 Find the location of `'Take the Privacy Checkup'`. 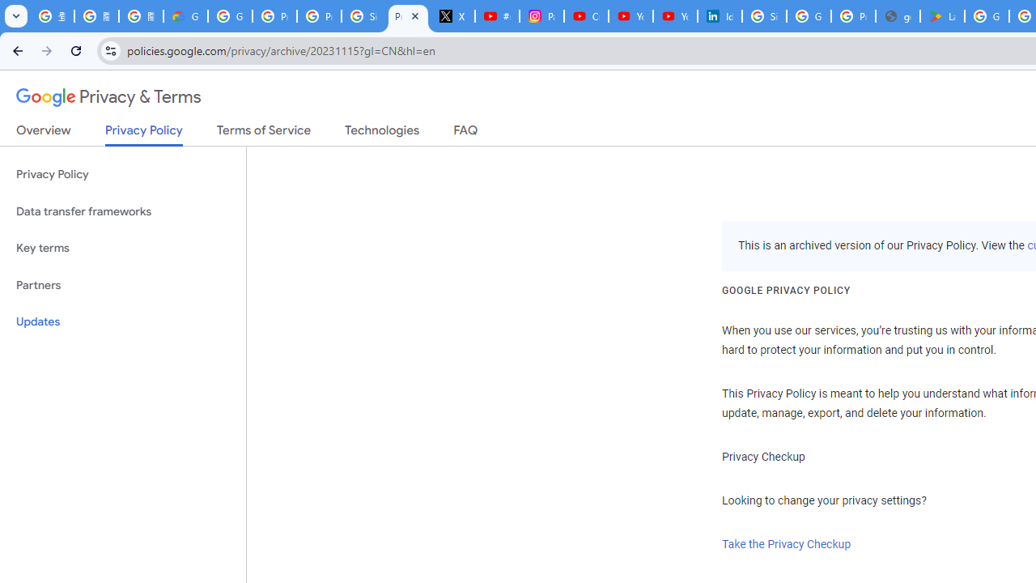

'Take the Privacy Checkup' is located at coordinates (787, 544).